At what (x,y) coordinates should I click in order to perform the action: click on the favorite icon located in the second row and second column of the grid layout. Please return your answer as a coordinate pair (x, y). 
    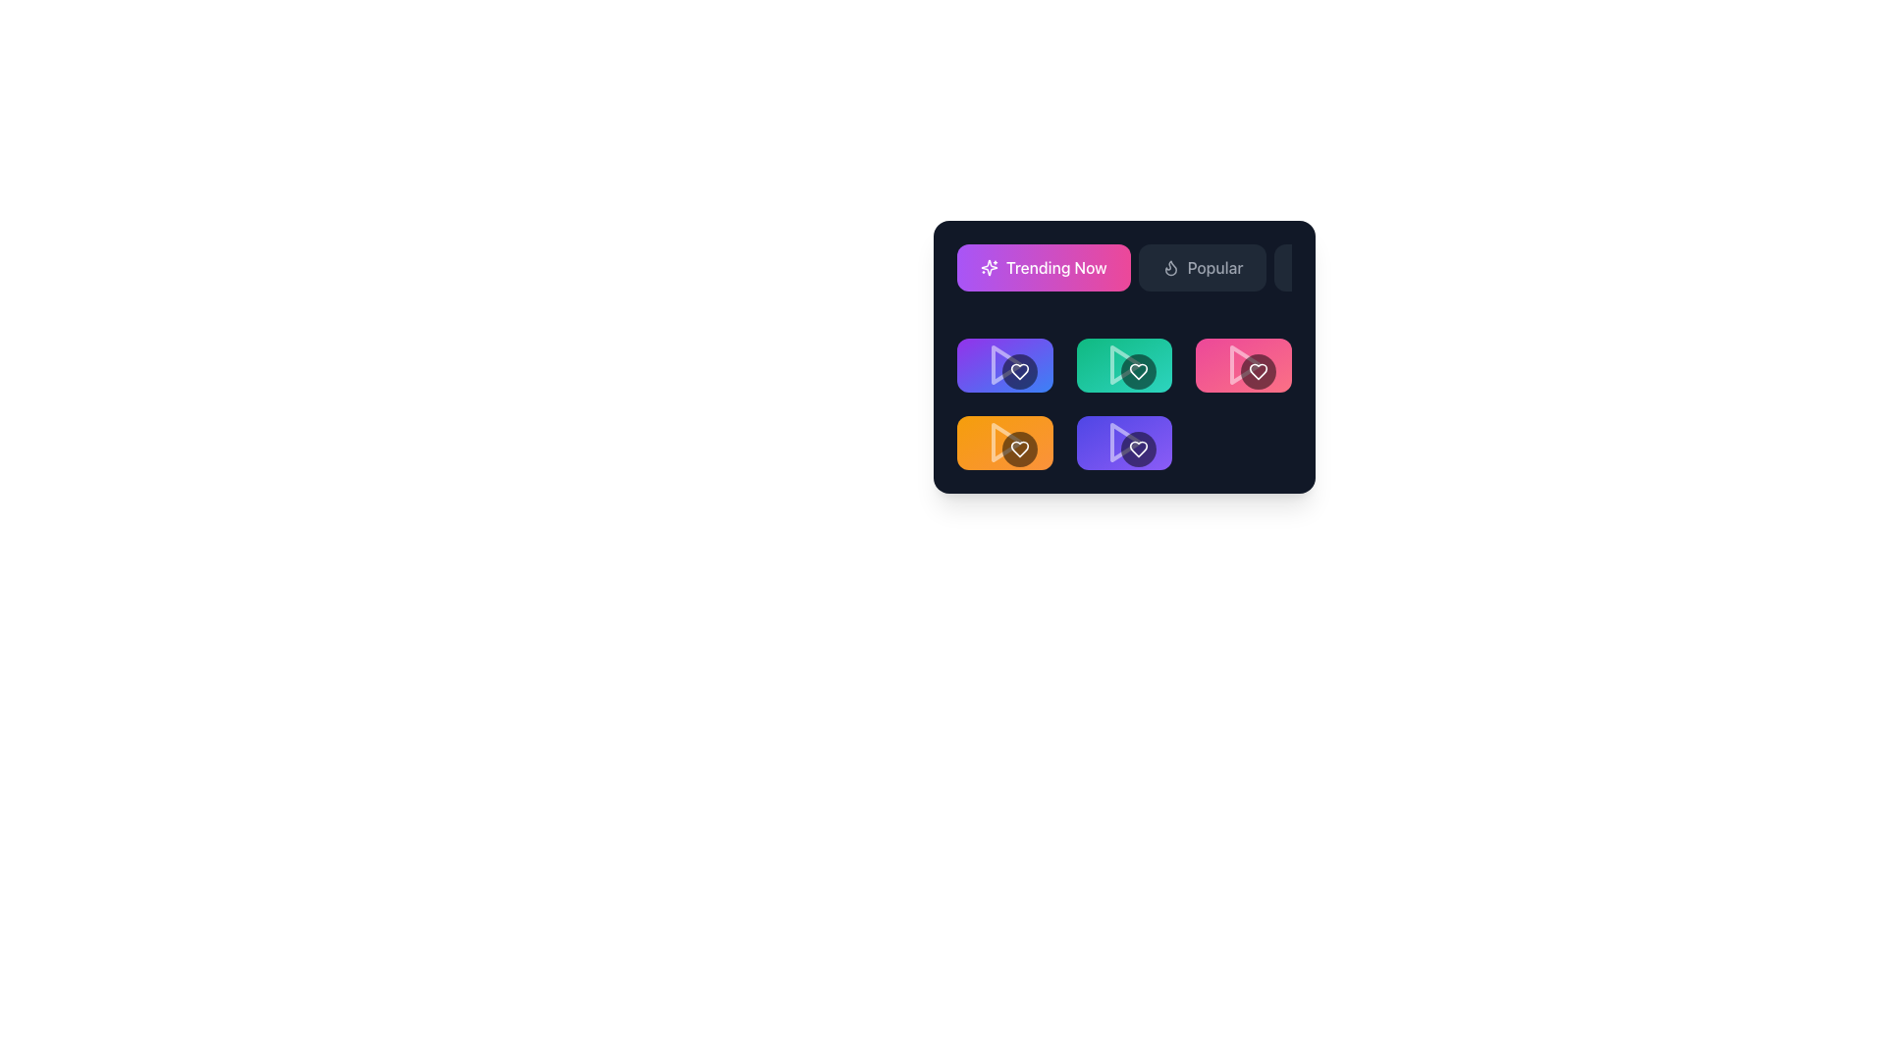
    Looking at the image, I should click on (1139, 371).